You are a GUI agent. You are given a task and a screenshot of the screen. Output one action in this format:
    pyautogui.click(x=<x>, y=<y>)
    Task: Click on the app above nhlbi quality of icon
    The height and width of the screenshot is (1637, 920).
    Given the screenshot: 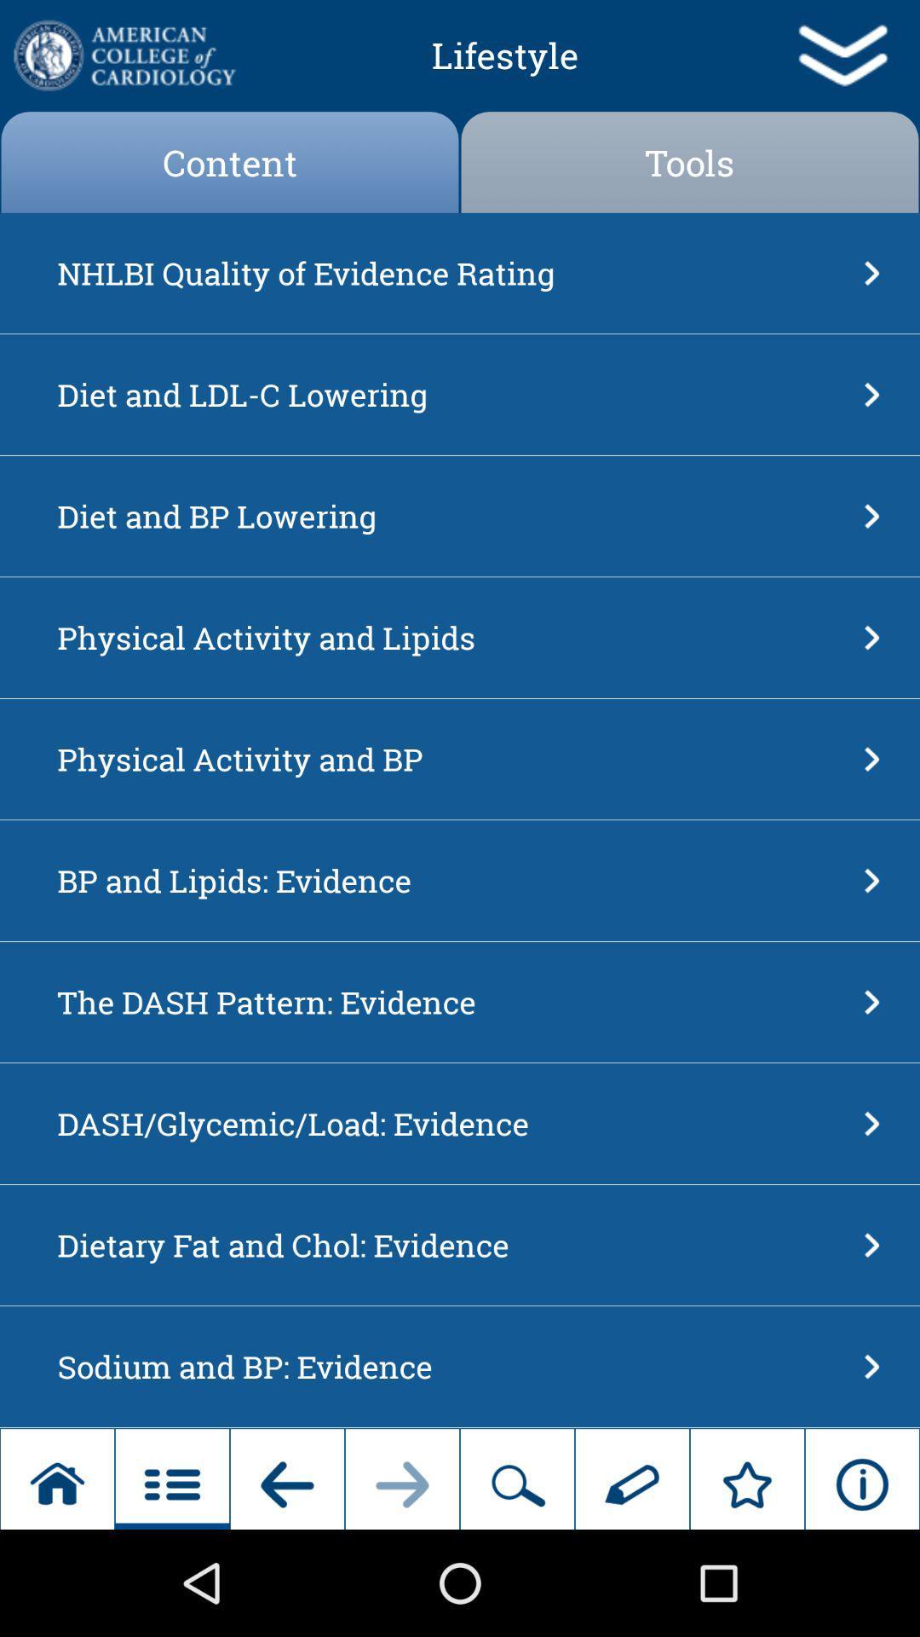 What is the action you would take?
    pyautogui.click(x=230, y=162)
    